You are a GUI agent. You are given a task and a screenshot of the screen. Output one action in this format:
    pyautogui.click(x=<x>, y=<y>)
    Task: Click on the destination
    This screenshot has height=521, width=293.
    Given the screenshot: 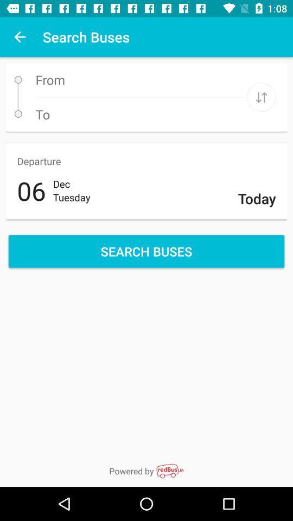 What is the action you would take?
    pyautogui.click(x=261, y=97)
    